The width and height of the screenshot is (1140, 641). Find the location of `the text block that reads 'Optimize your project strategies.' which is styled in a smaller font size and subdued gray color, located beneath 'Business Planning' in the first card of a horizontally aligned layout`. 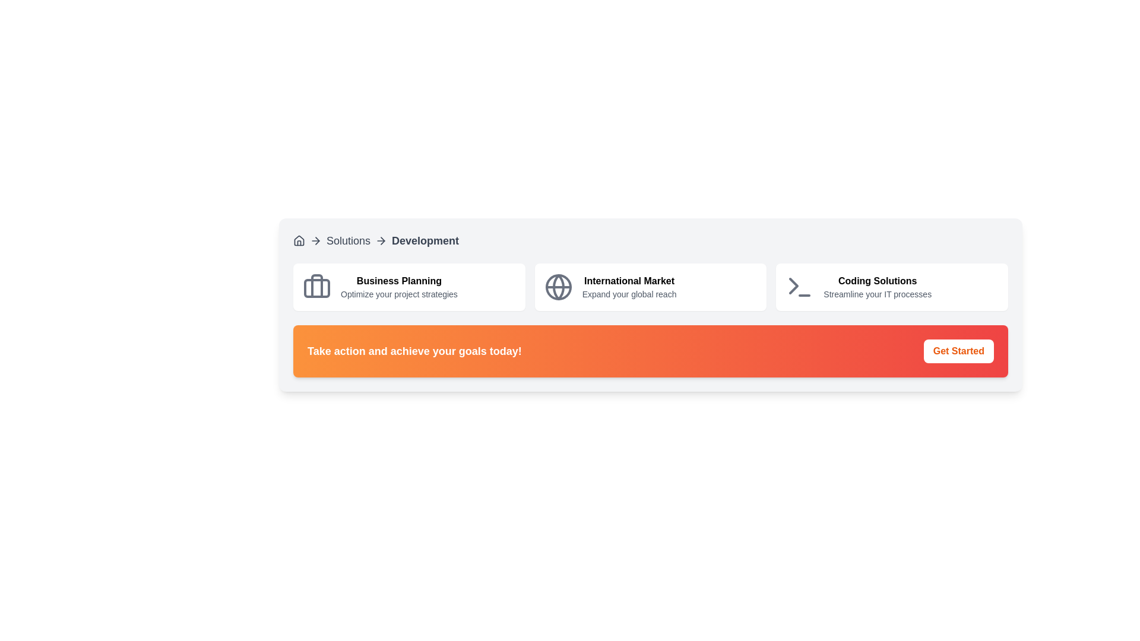

the text block that reads 'Optimize your project strategies.' which is styled in a smaller font size and subdued gray color, located beneath 'Business Planning' in the first card of a horizontally aligned layout is located at coordinates (399, 294).